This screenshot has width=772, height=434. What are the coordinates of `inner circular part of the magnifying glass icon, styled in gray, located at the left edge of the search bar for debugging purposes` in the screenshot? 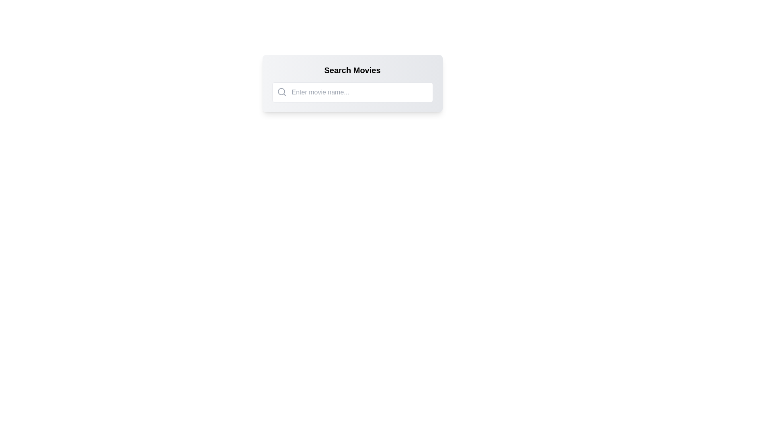 It's located at (281, 91).